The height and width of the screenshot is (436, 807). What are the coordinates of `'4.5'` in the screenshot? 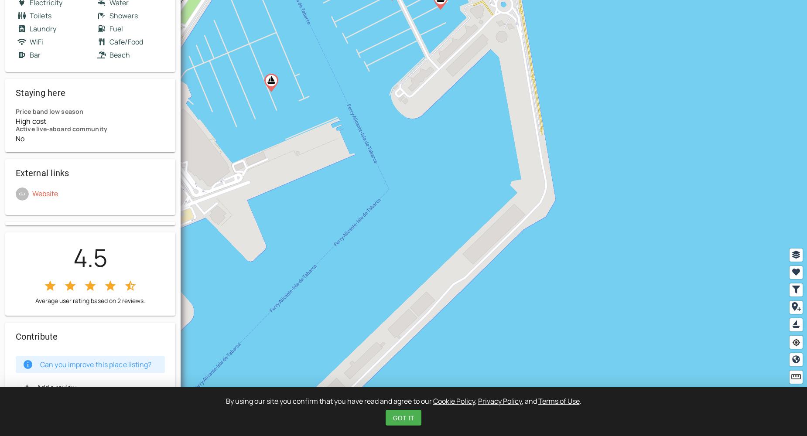 It's located at (90, 257).